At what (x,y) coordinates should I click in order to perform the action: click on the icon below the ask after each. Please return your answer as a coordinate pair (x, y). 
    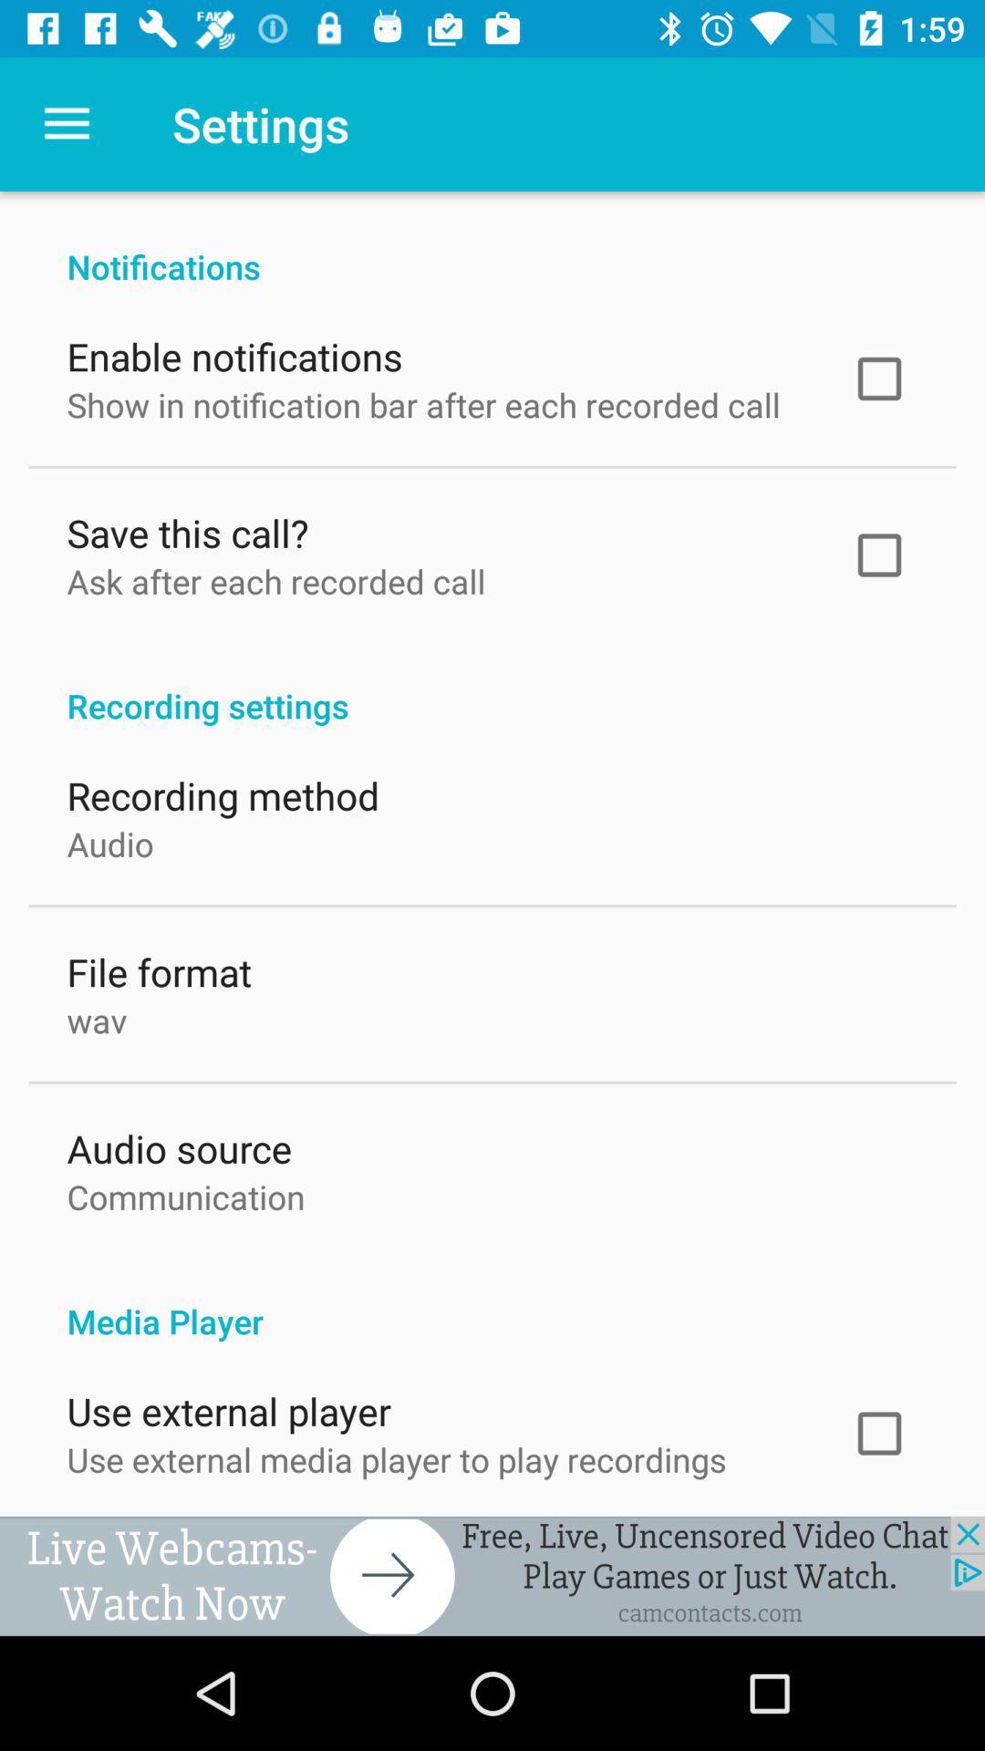
    Looking at the image, I should click on (493, 681).